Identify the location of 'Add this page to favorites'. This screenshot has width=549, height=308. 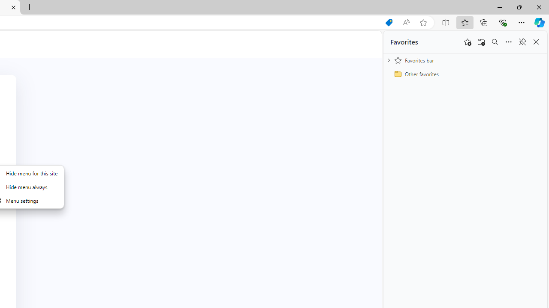
(467, 42).